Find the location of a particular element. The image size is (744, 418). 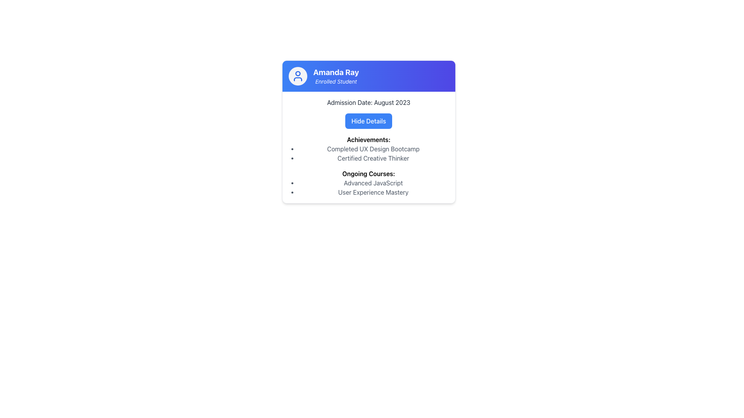

the second item in the bulleted list under the 'Achievements:' section, which informs the user about a specific achievement related to the listed individual is located at coordinates (373, 158).